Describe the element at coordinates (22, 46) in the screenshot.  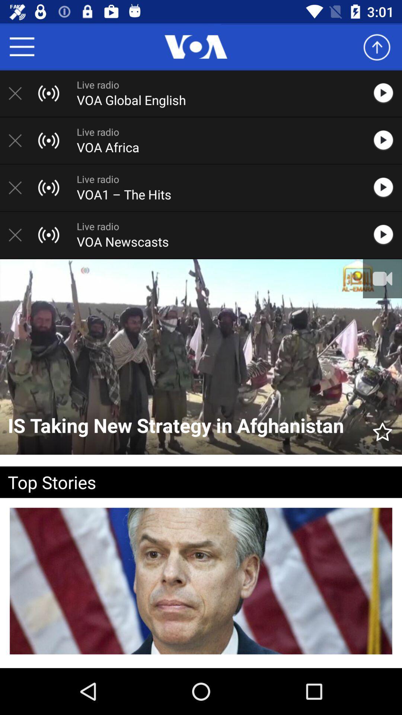
I see `options` at that location.